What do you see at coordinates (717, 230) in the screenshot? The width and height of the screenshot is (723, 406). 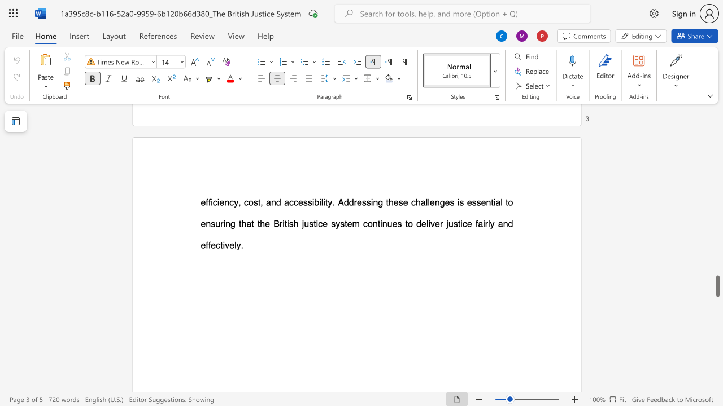 I see `the side scrollbar to bring the page up` at bounding box center [717, 230].